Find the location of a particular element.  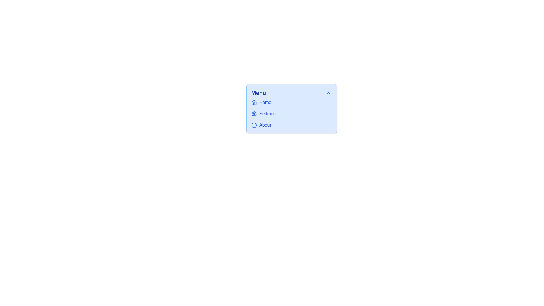

the settings icon located in the middle of the menu panel, positioned to the left of the 'Settings' text is located at coordinates (254, 114).